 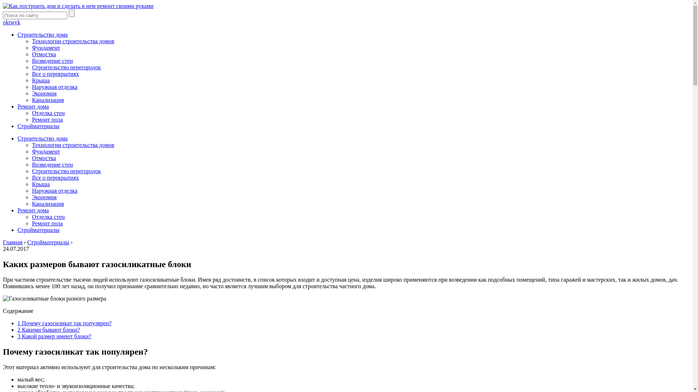 What do you see at coordinates (5, 22) in the screenshot?
I see `'ok'` at bounding box center [5, 22].